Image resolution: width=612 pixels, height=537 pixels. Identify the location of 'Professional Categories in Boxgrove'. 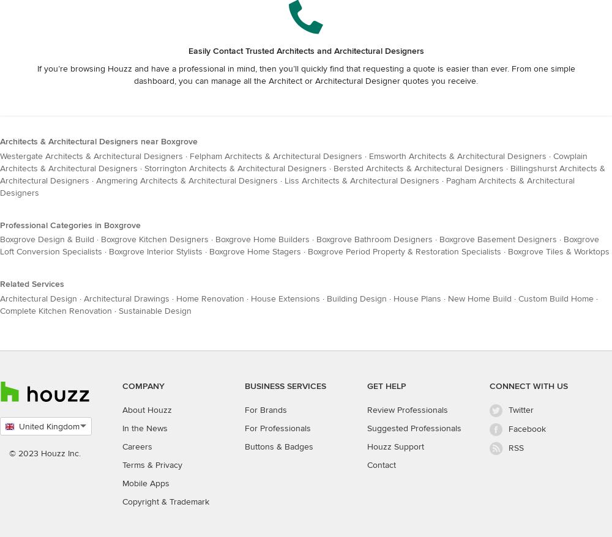
(70, 224).